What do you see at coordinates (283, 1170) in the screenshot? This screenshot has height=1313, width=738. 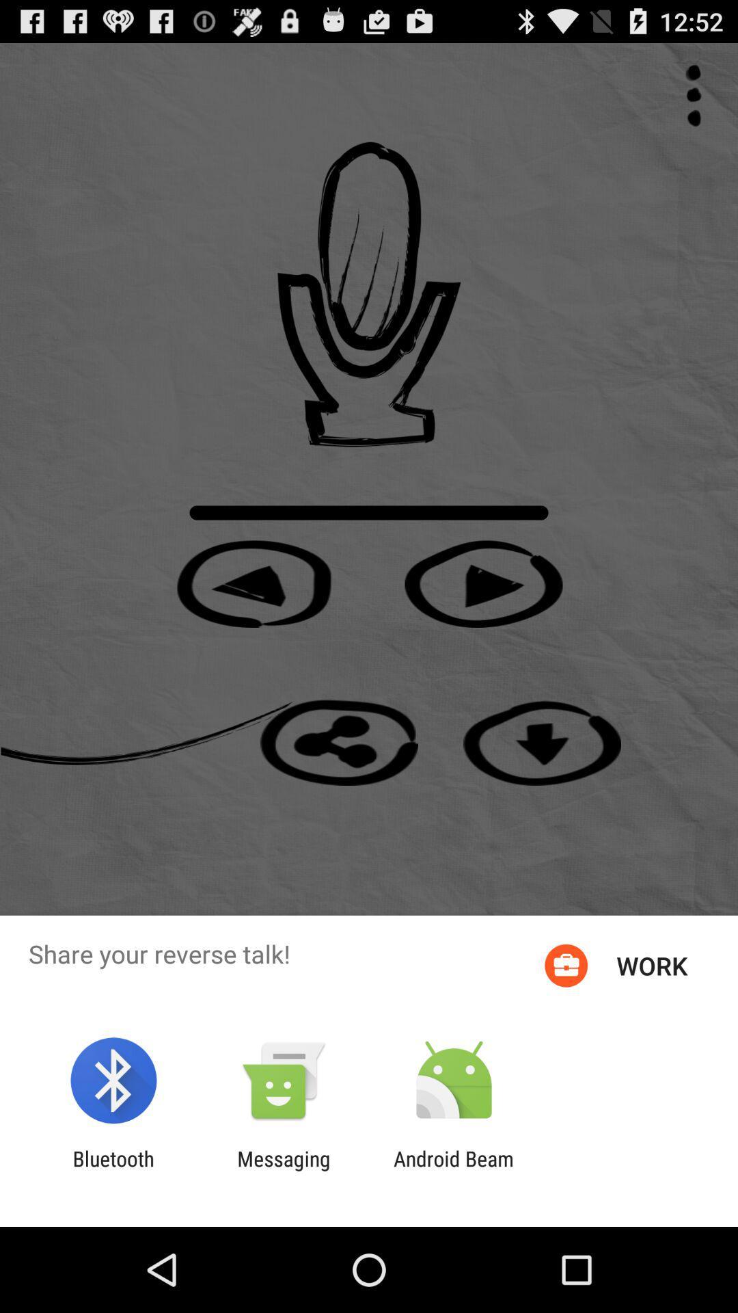 I see `item to the right of bluetooth item` at bounding box center [283, 1170].